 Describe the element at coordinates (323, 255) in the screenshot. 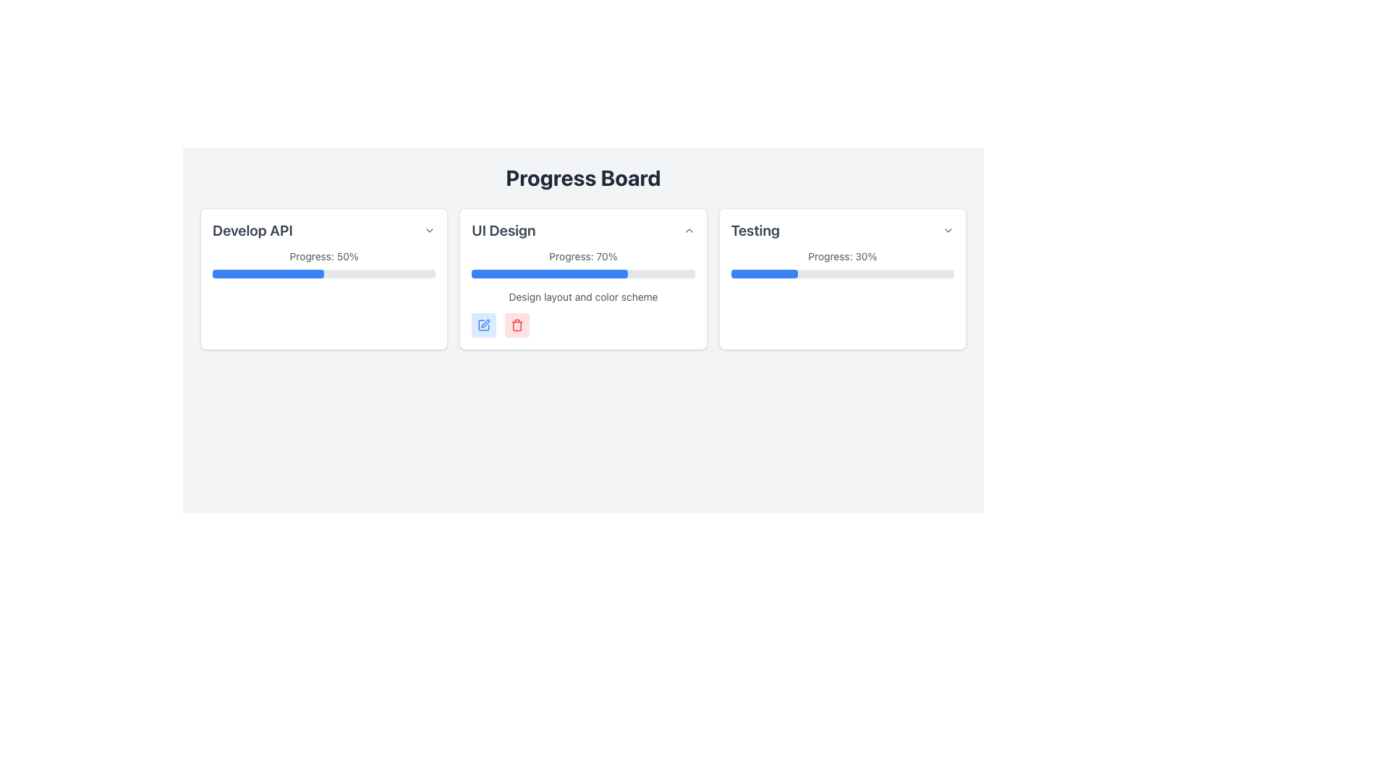

I see `progress information displayed as 'Progress: 50%' within the progress card titled 'Develop API'` at that location.